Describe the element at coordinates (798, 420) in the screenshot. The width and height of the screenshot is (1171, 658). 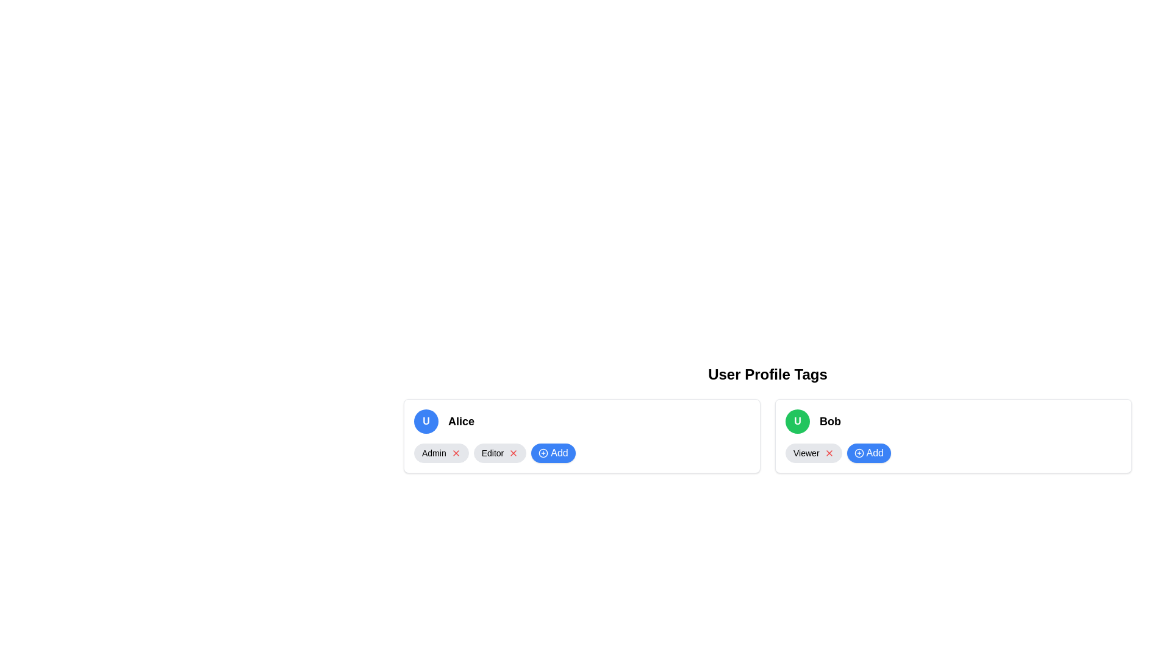
I see `the visual identifier icon representing the user's initial, positioned to the left of the text 'Bob'` at that location.